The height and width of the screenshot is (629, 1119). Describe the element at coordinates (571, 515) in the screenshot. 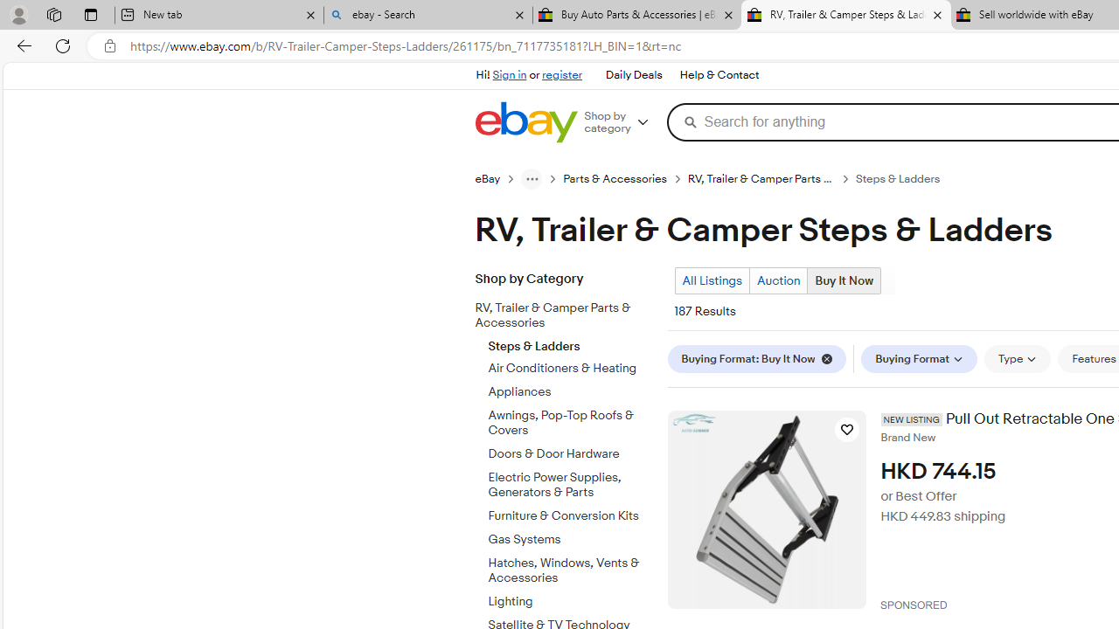

I see `'Furniture & Conversion Kits'` at that location.